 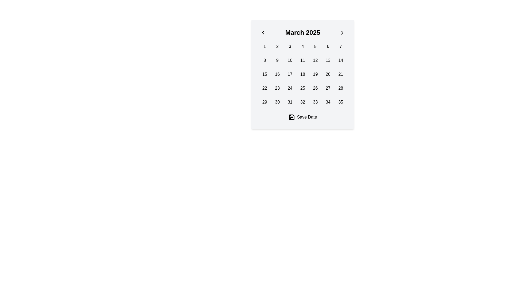 What do you see at coordinates (277, 60) in the screenshot?
I see `the date '9' button in the calendar interface` at bounding box center [277, 60].